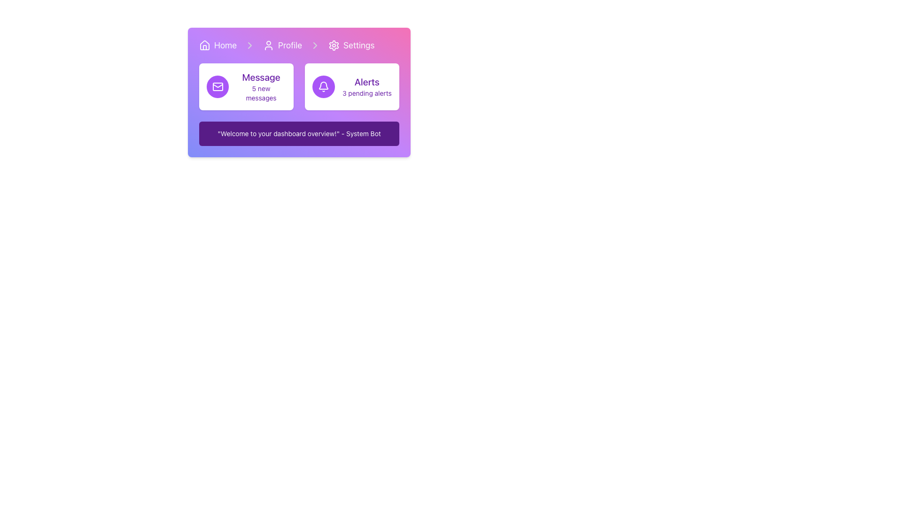 This screenshot has width=902, height=507. What do you see at coordinates (217, 87) in the screenshot?
I see `the non-interactive Icon Button representing messaging functionality, located at the leftmost side of the 'Message' card` at bounding box center [217, 87].